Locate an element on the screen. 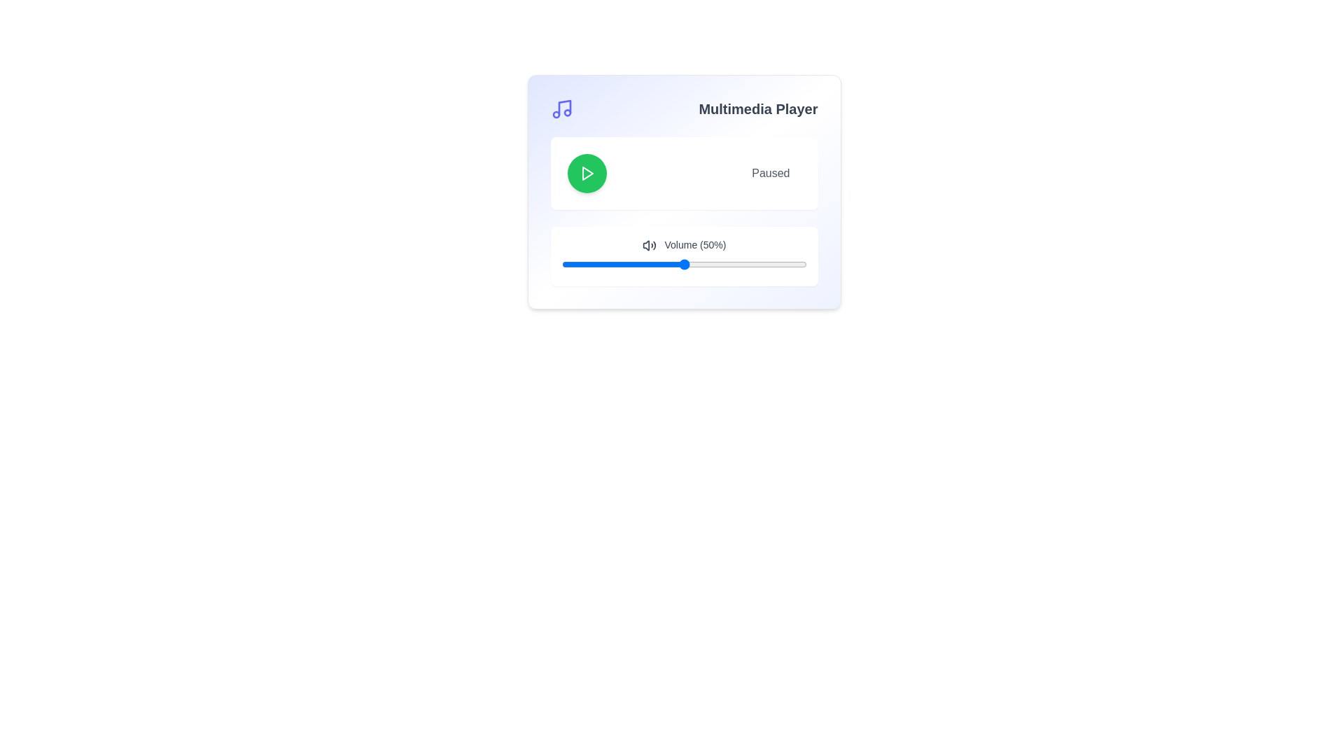  the volume icon represented by a speaker emitting sound waves, which is located to the left of the text label 'Volume (50%)' in the media player interface is located at coordinates (648, 245).